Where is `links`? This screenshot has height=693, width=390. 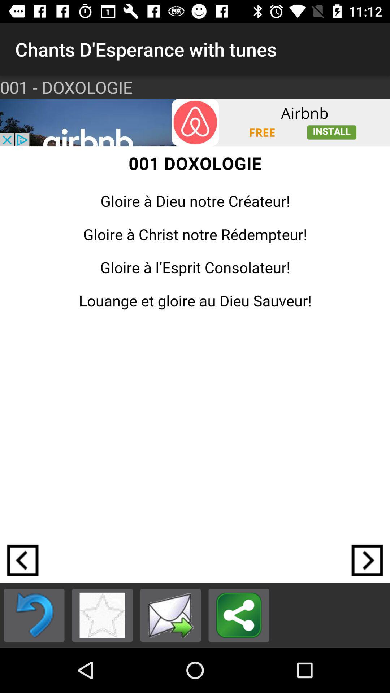
links is located at coordinates (239, 615).